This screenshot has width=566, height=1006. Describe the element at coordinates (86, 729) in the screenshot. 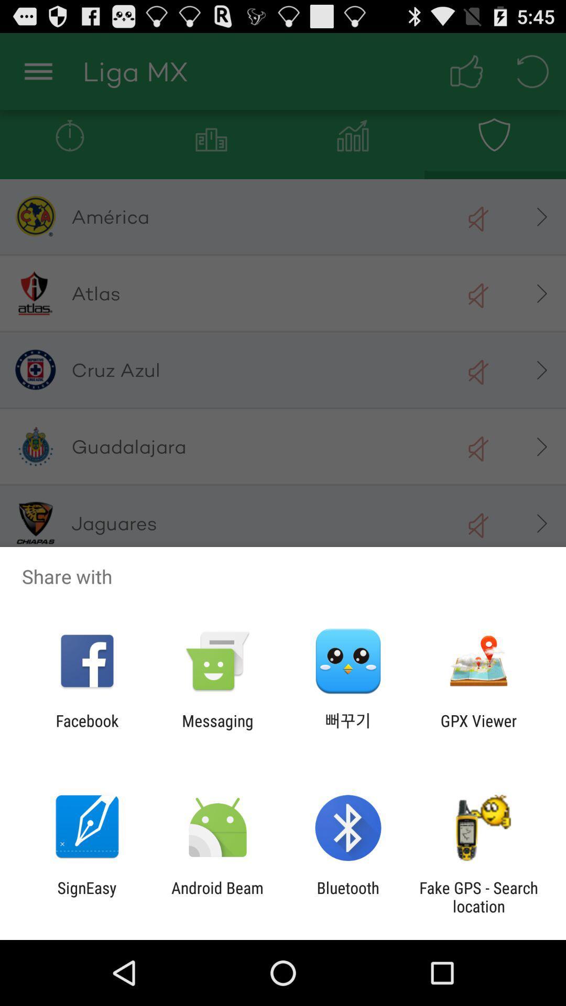

I see `app next to the messaging app` at that location.